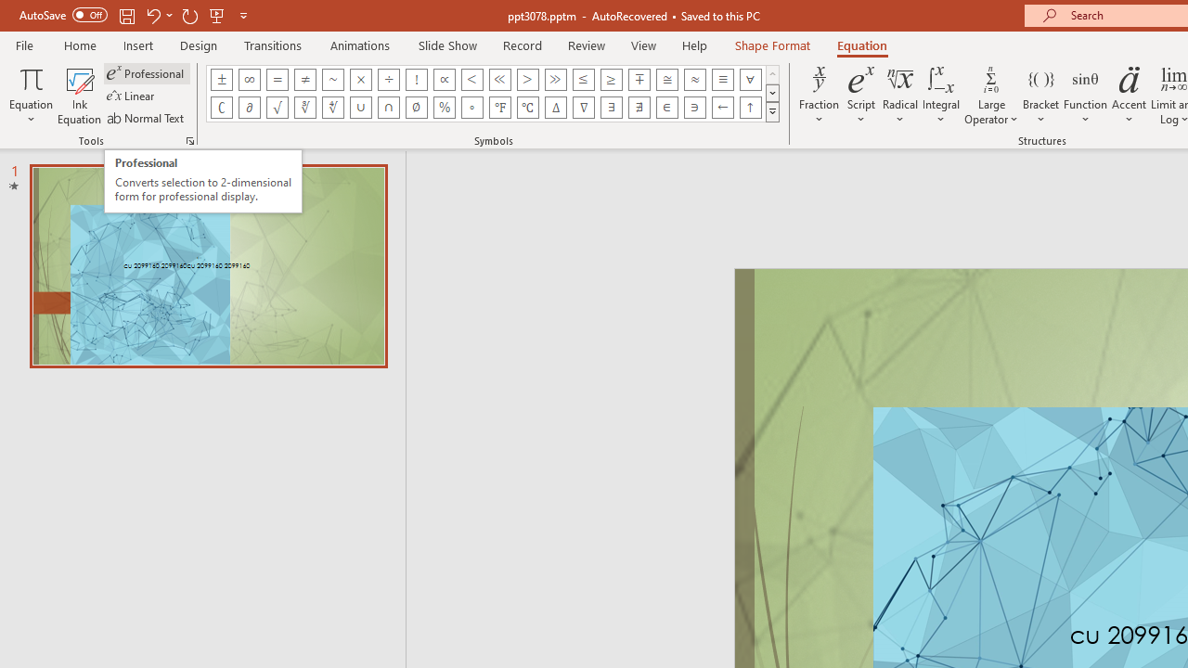 This screenshot has height=668, width=1188. I want to click on 'Linear', so click(131, 96).